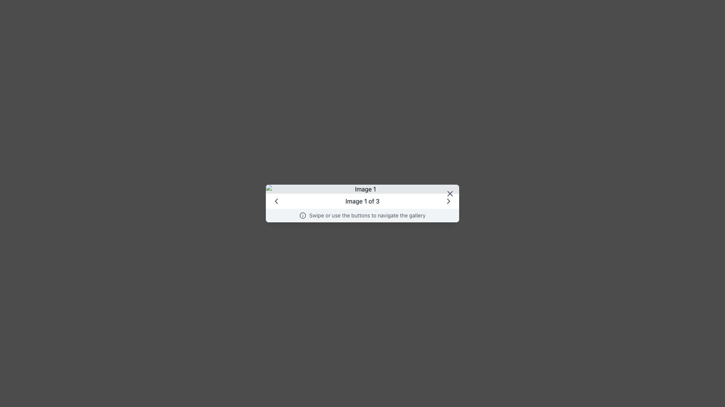 The height and width of the screenshot is (407, 725). I want to click on the rightward chevron icon located on the far-right side of the dialog header, so click(449, 200).